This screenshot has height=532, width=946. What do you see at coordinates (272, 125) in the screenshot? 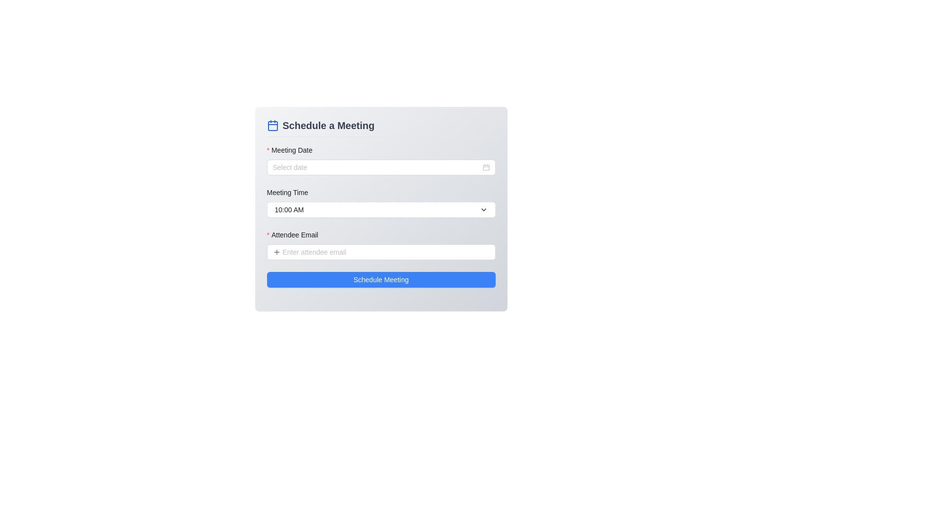
I see `the calendar icon located in the top-left corner of the 'Schedule a Meeting' section, before the title text element` at bounding box center [272, 125].